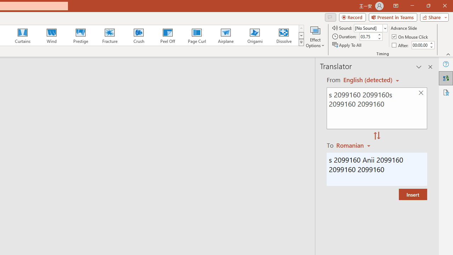 The height and width of the screenshot is (255, 453). Describe the element at coordinates (51, 35) in the screenshot. I see `'Wind'` at that location.